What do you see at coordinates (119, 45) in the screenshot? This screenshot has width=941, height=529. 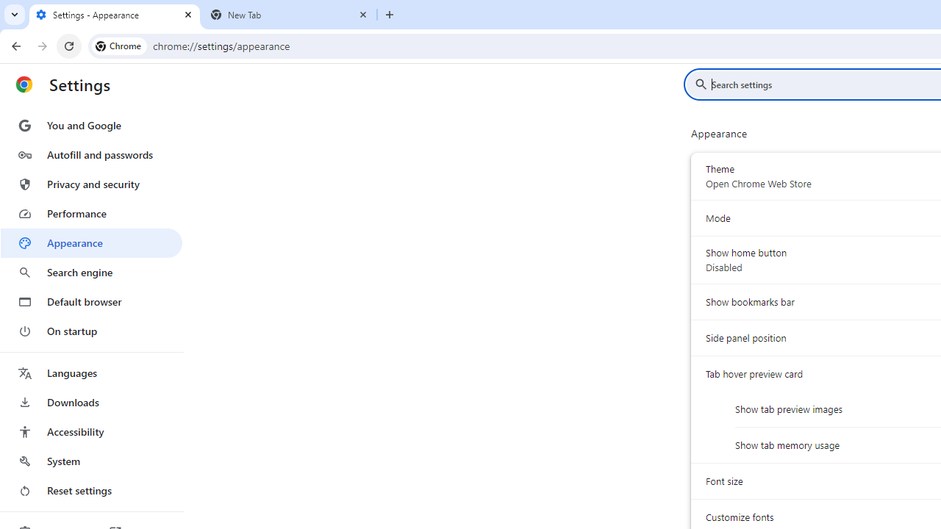 I see `'Chrome'` at bounding box center [119, 45].